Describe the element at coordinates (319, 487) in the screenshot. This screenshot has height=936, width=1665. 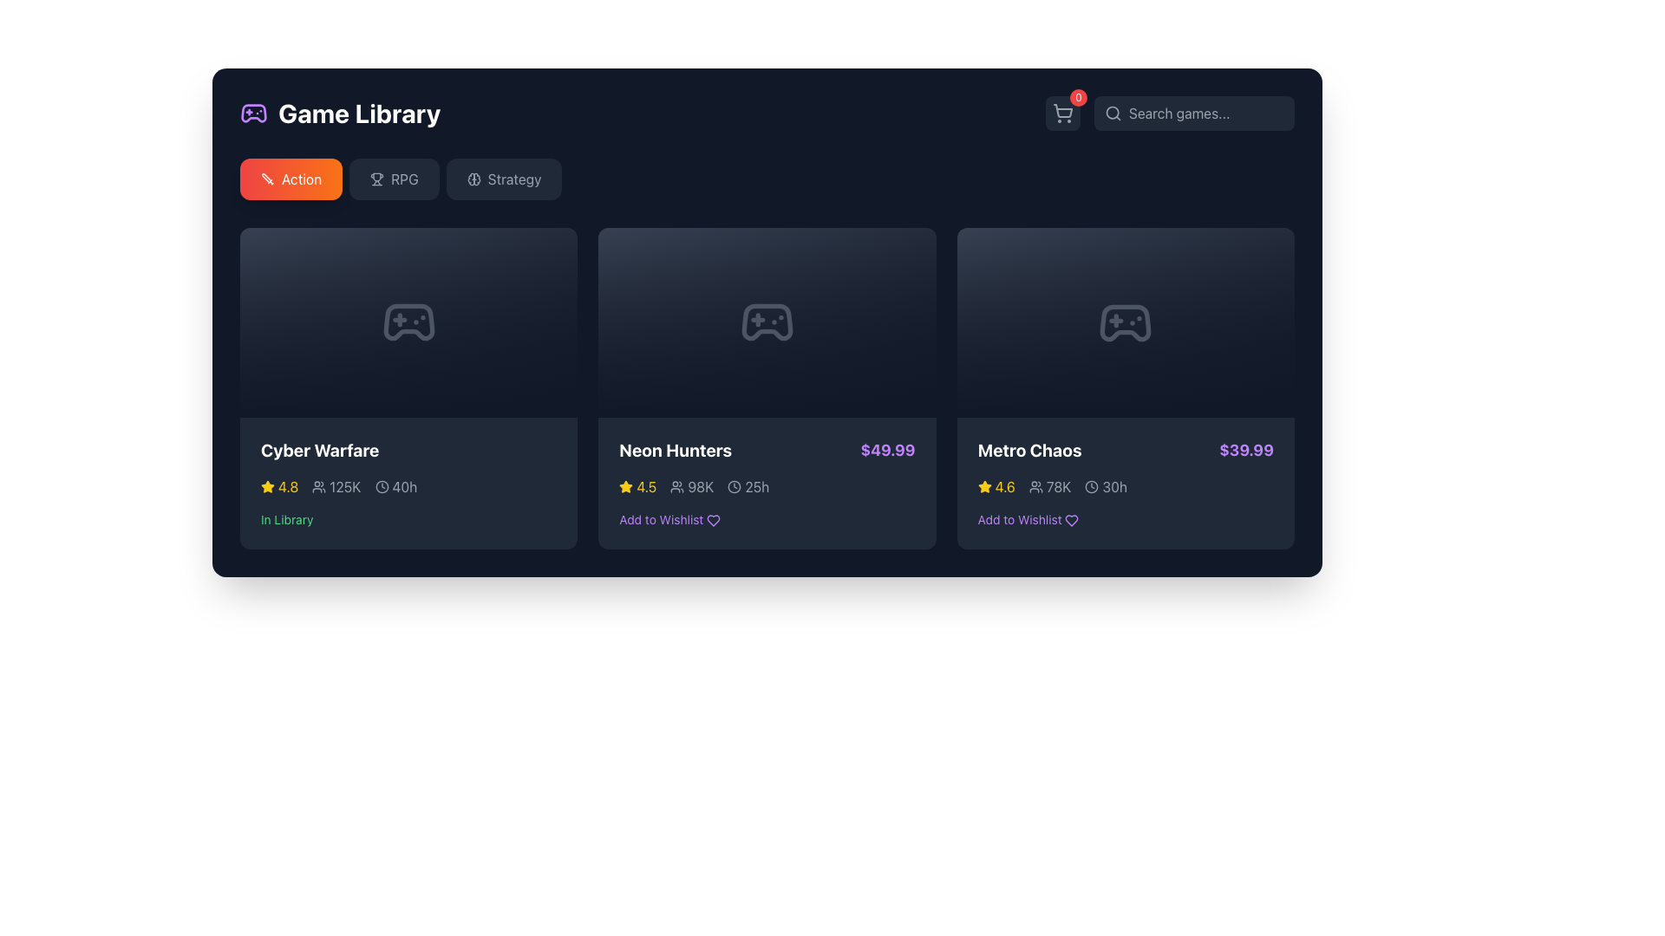
I see `the user count icon located in the 'Cyber Warfare' game card, directly left of the '125K' text, aligned with the star and clock icons` at that location.